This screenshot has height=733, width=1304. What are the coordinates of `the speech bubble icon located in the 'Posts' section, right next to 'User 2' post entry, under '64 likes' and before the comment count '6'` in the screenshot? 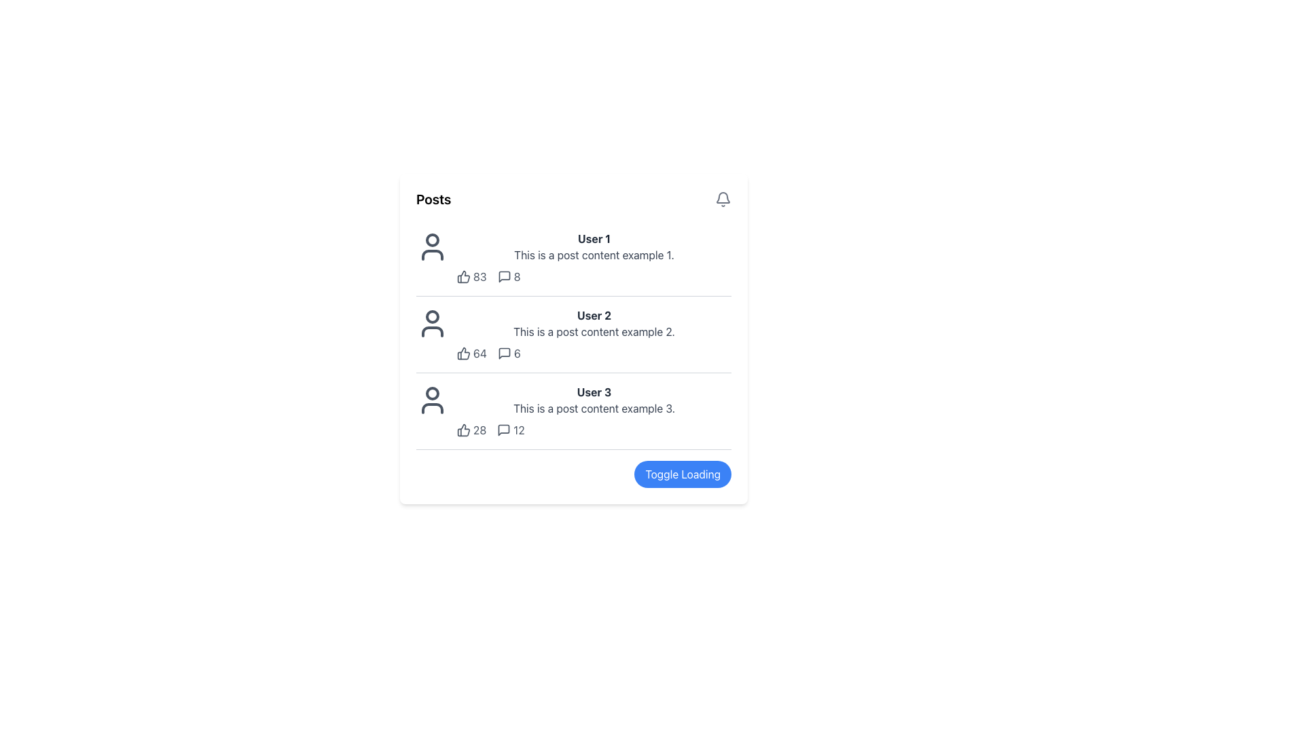 It's located at (503, 352).